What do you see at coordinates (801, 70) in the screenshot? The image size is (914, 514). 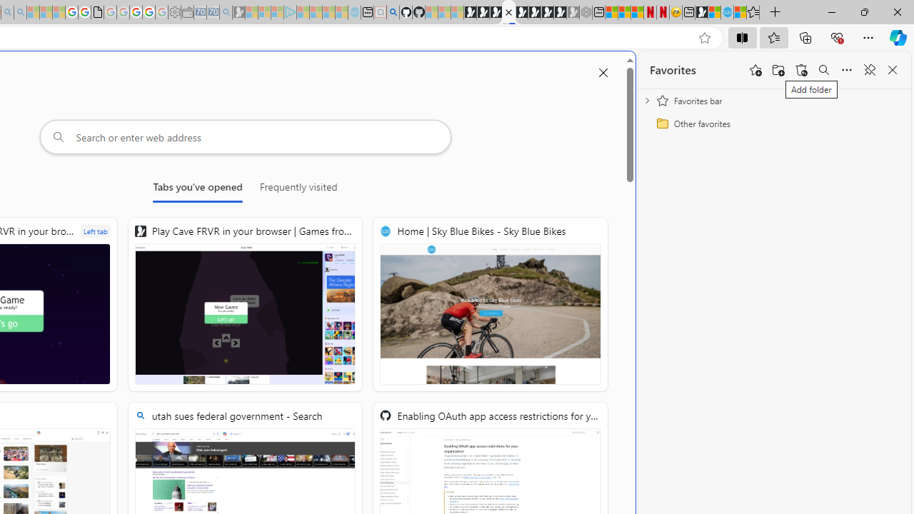 I see `'Restore deleted favorites'` at bounding box center [801, 70].